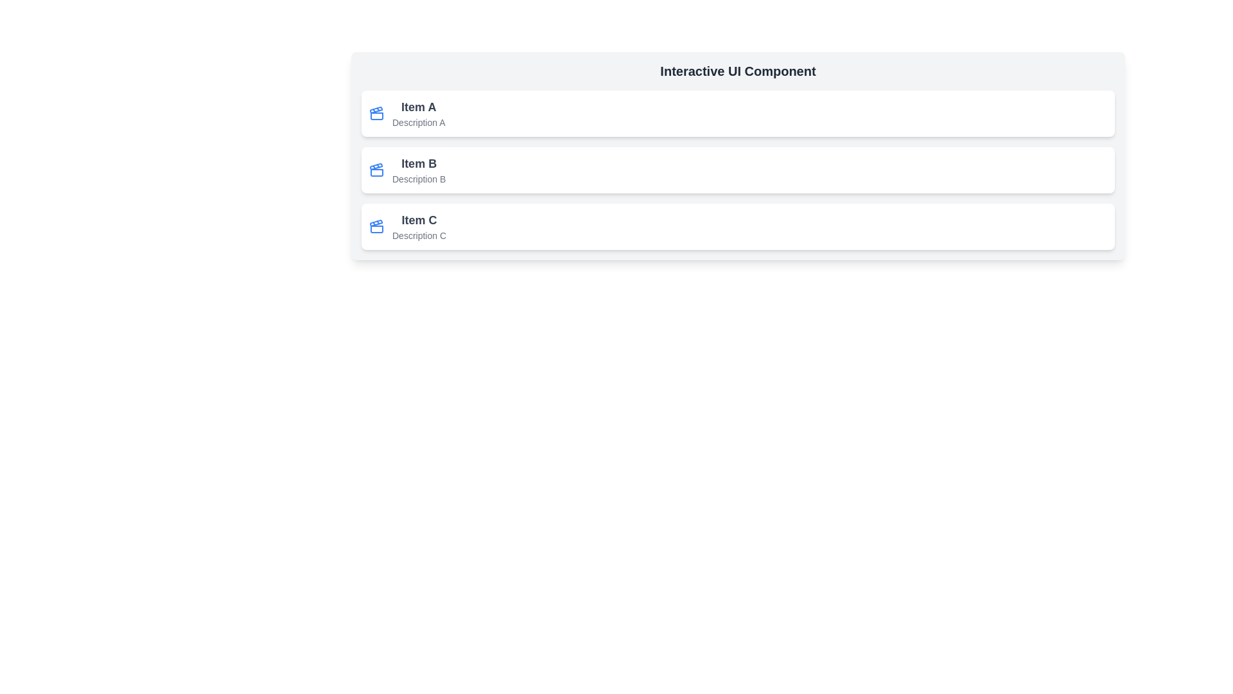  What do you see at coordinates (419, 123) in the screenshot?
I see `the text label 'Description A' styled with a small font size and gray color, located below 'Item A' in the first card of a vertically stacked list` at bounding box center [419, 123].